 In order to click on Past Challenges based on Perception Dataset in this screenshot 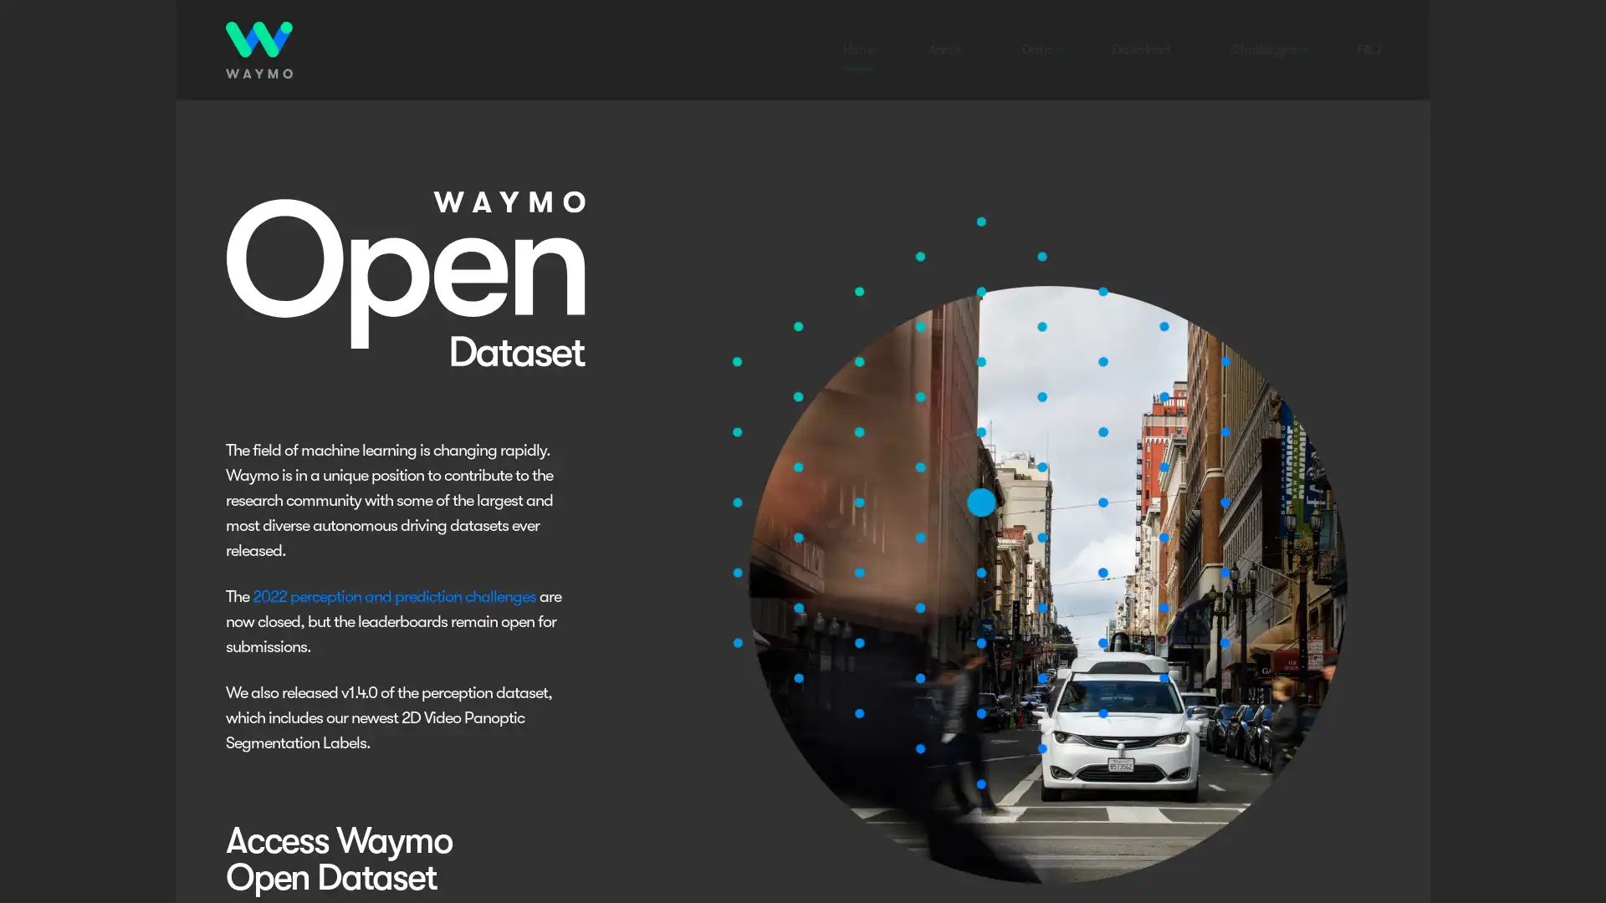, I will do `click(1288, 415)`.